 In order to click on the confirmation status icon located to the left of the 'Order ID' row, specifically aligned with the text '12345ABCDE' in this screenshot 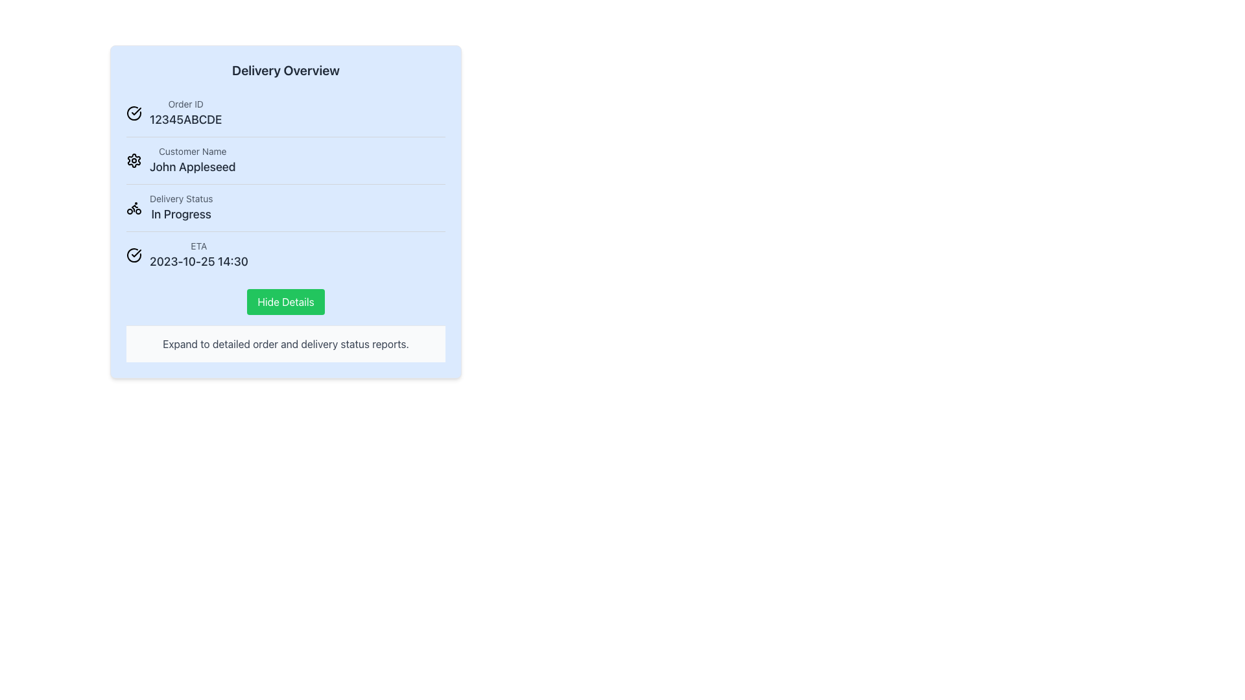, I will do `click(134, 112)`.